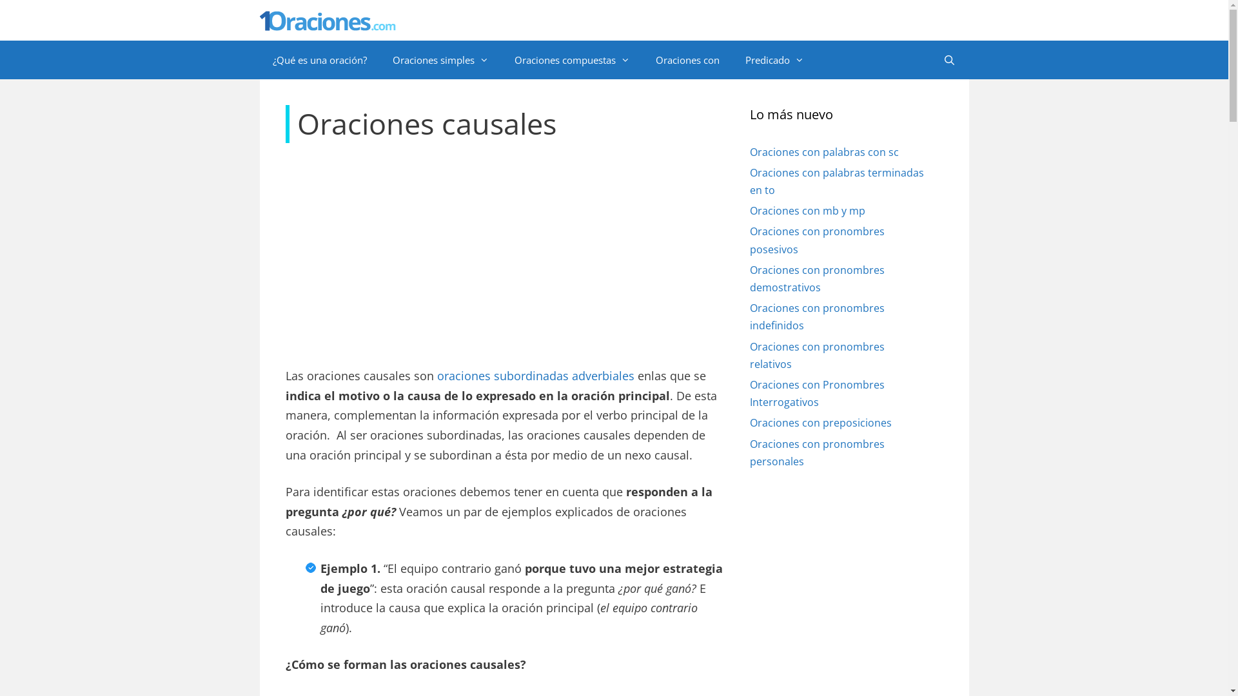 The width and height of the screenshot is (1238, 696). I want to click on 'Oraciones con palabras con sc', so click(749, 151).